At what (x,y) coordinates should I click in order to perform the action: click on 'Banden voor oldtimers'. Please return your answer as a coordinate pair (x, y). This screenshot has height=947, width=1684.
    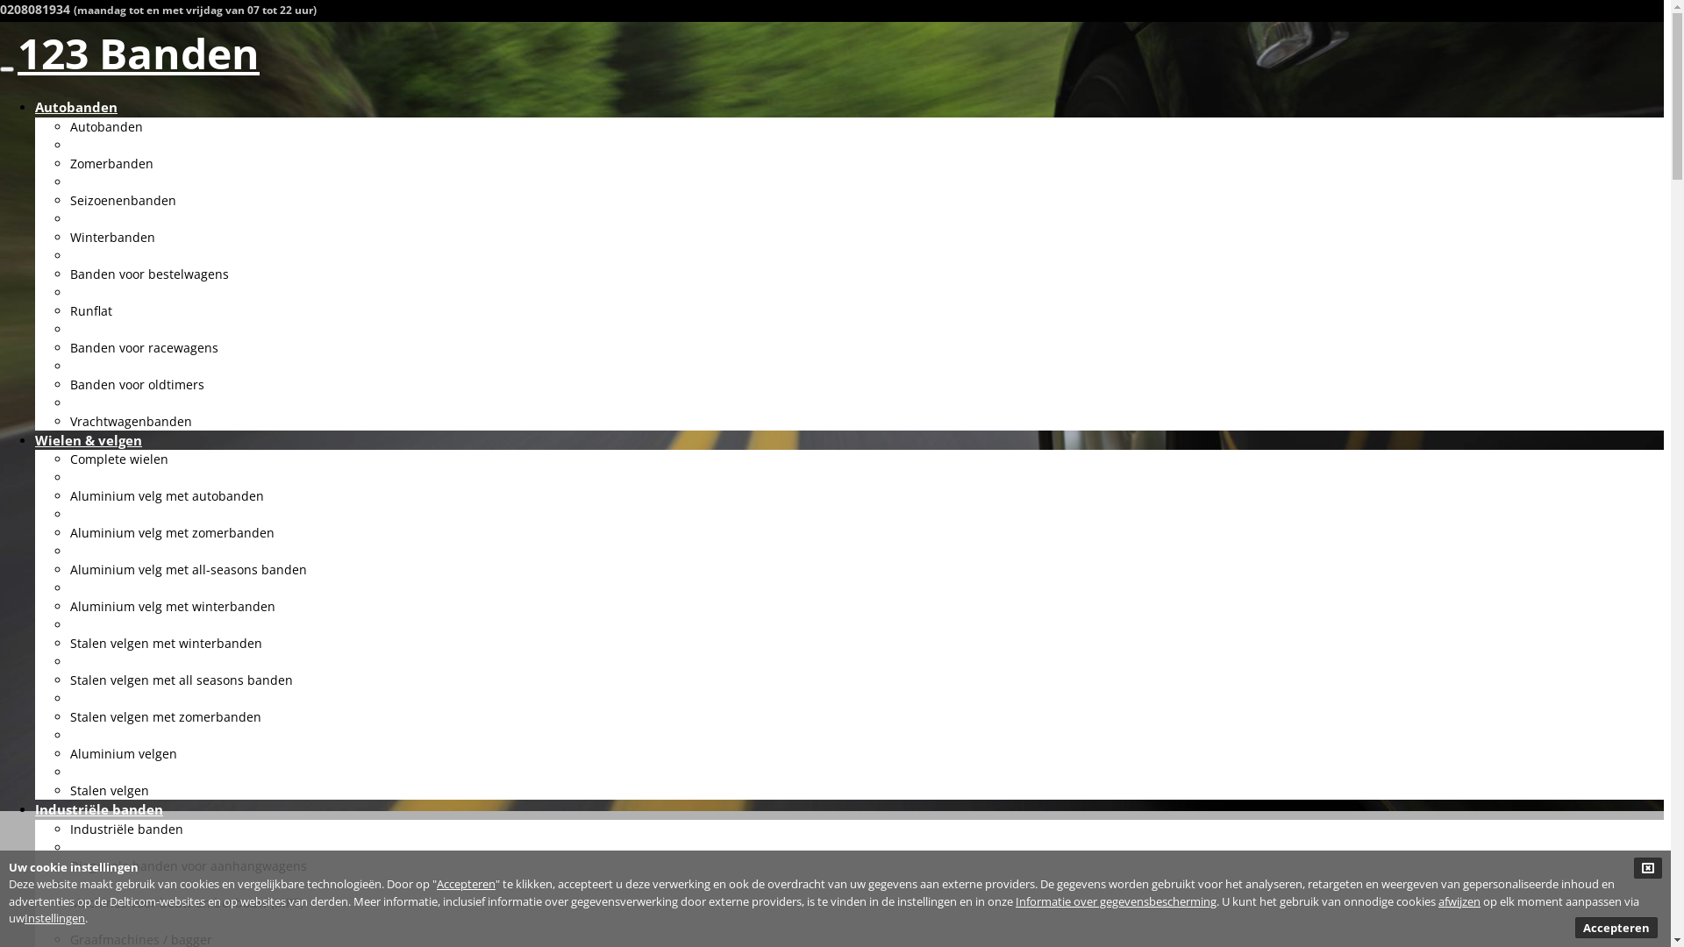
    Looking at the image, I should click on (136, 382).